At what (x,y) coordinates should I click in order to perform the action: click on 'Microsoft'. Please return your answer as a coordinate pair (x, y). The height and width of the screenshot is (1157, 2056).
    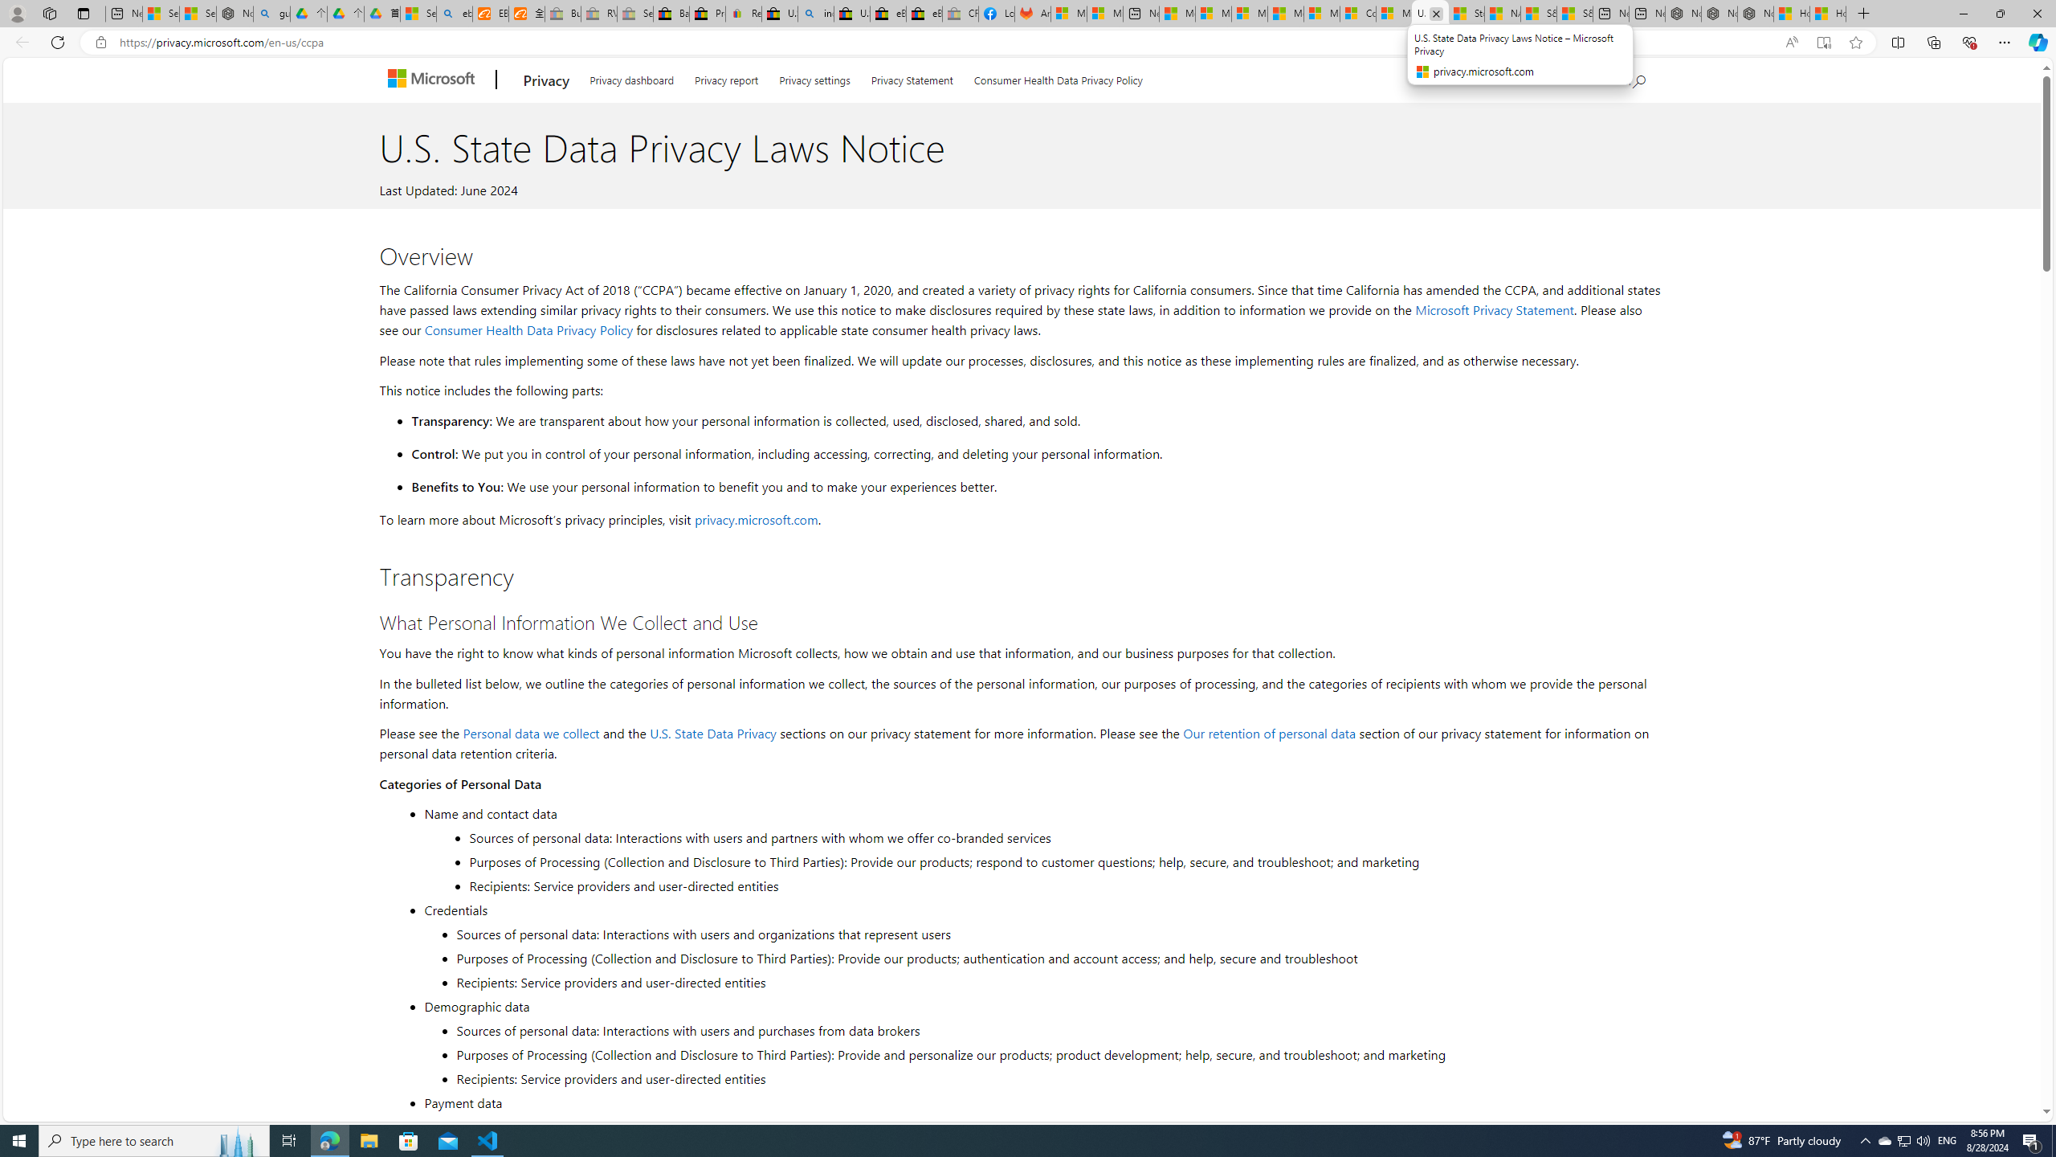
    Looking at the image, I should click on (433, 80).